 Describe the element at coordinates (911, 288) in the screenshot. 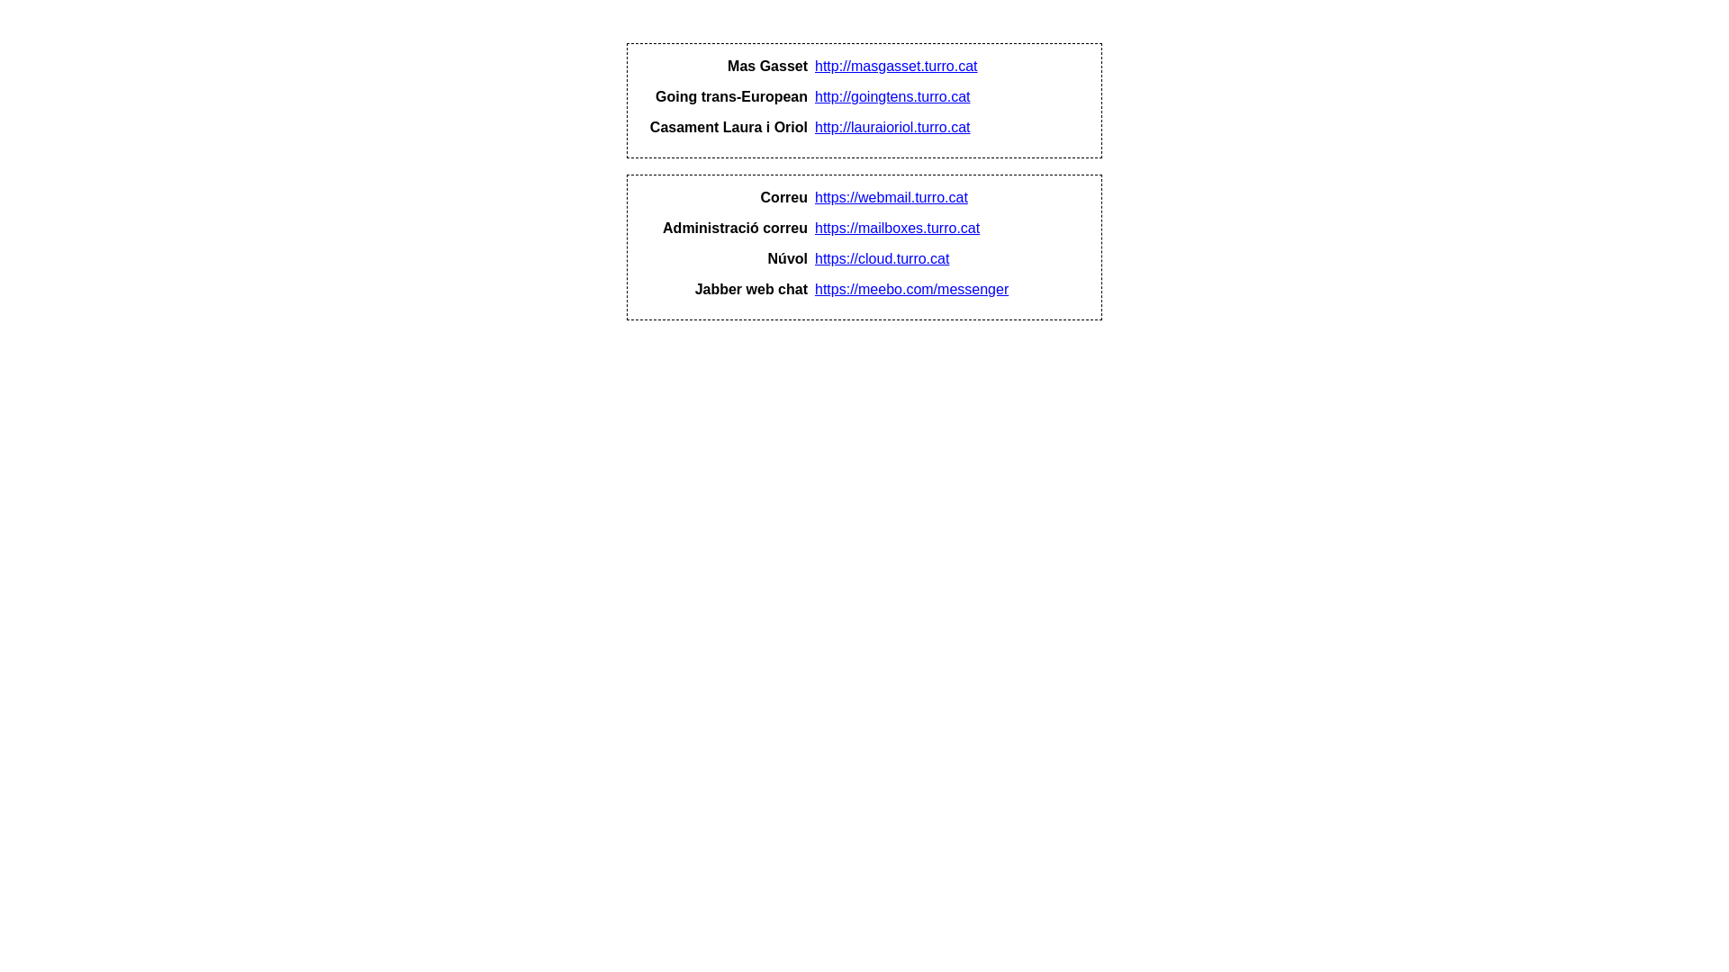

I see `'https://meebo.com/messenger'` at that location.